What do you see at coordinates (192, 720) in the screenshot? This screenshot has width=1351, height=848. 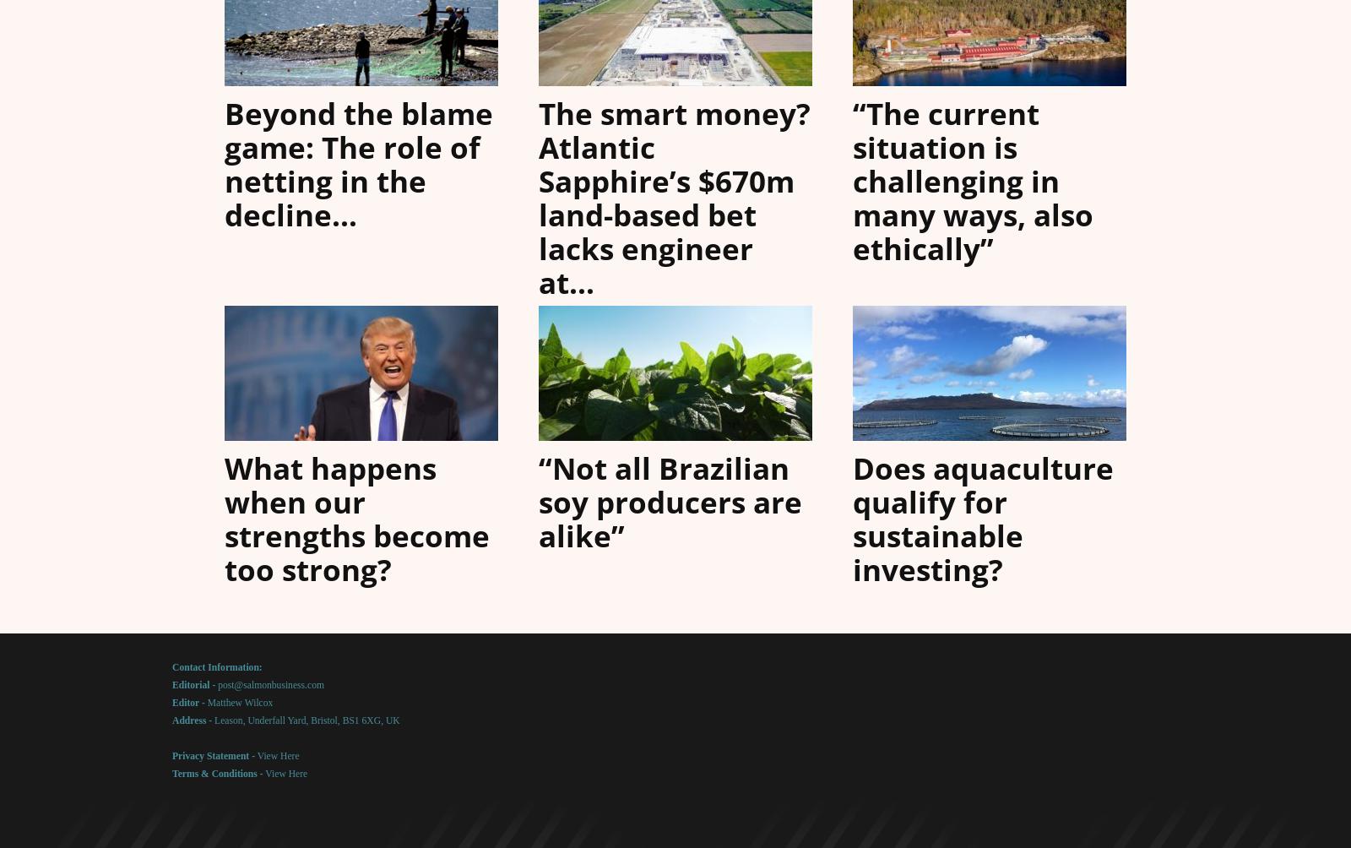 I see `'Address -'` at bounding box center [192, 720].